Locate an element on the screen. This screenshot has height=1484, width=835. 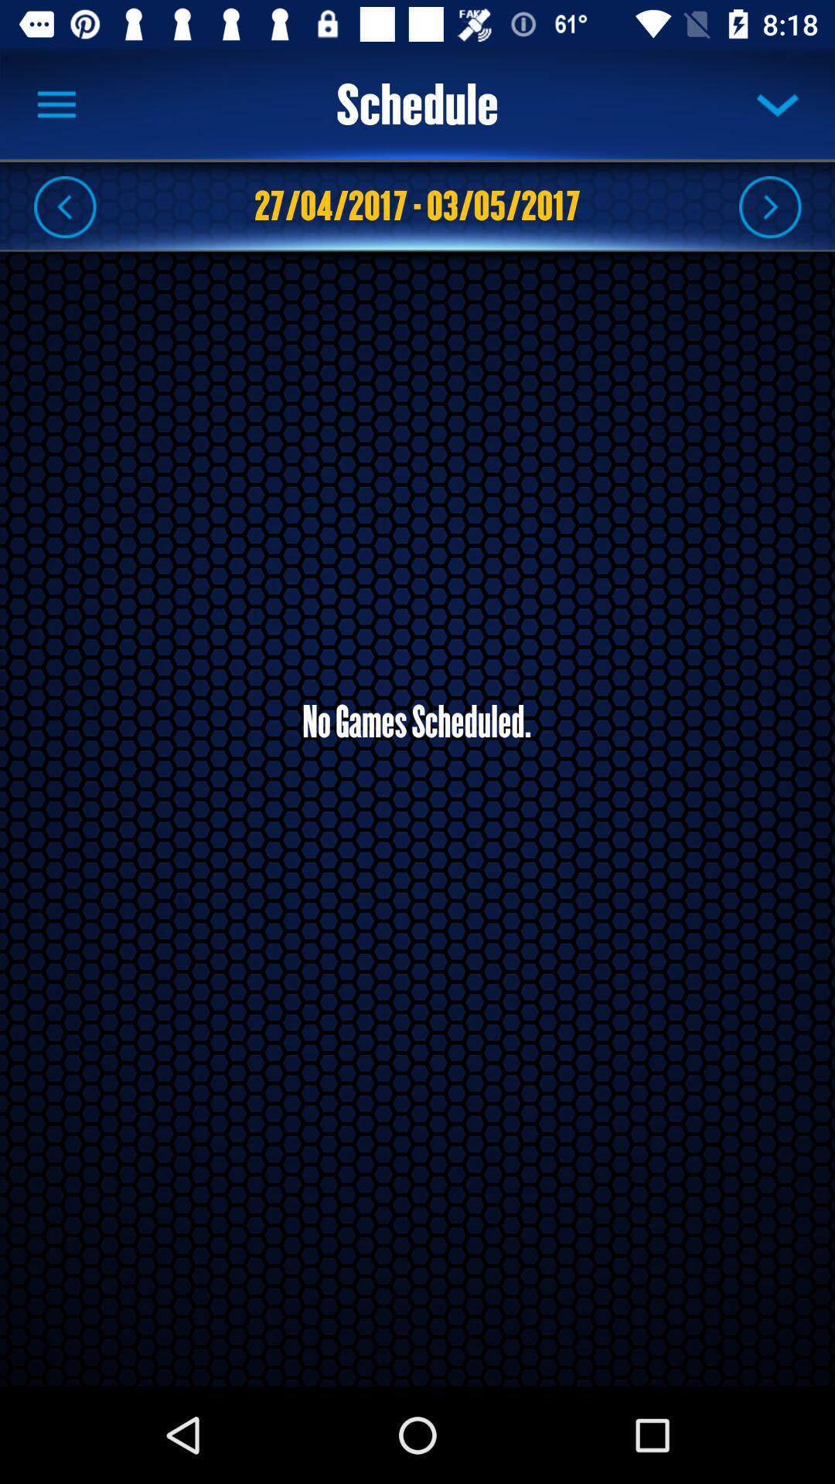
goes to next set of dates is located at coordinates (769, 206).